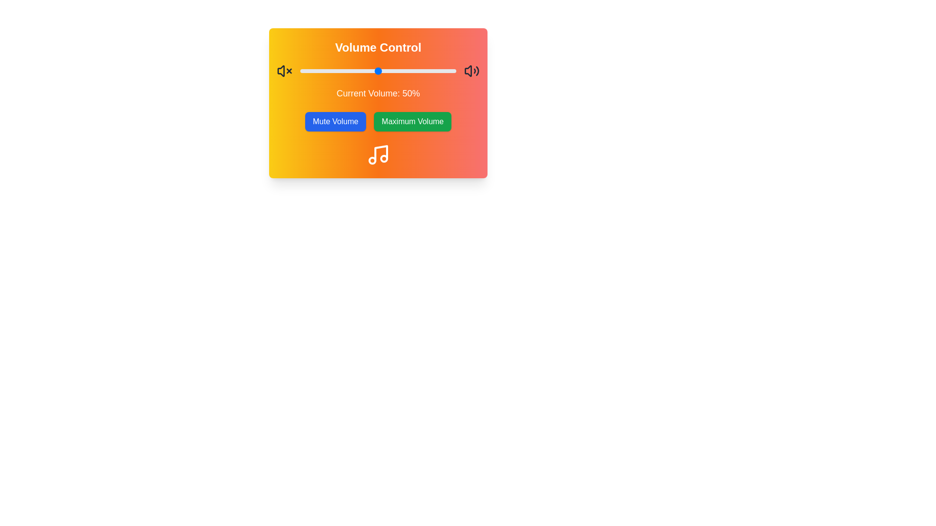  Describe the element at coordinates (398, 71) in the screenshot. I see `the volume slider to 63%` at that location.